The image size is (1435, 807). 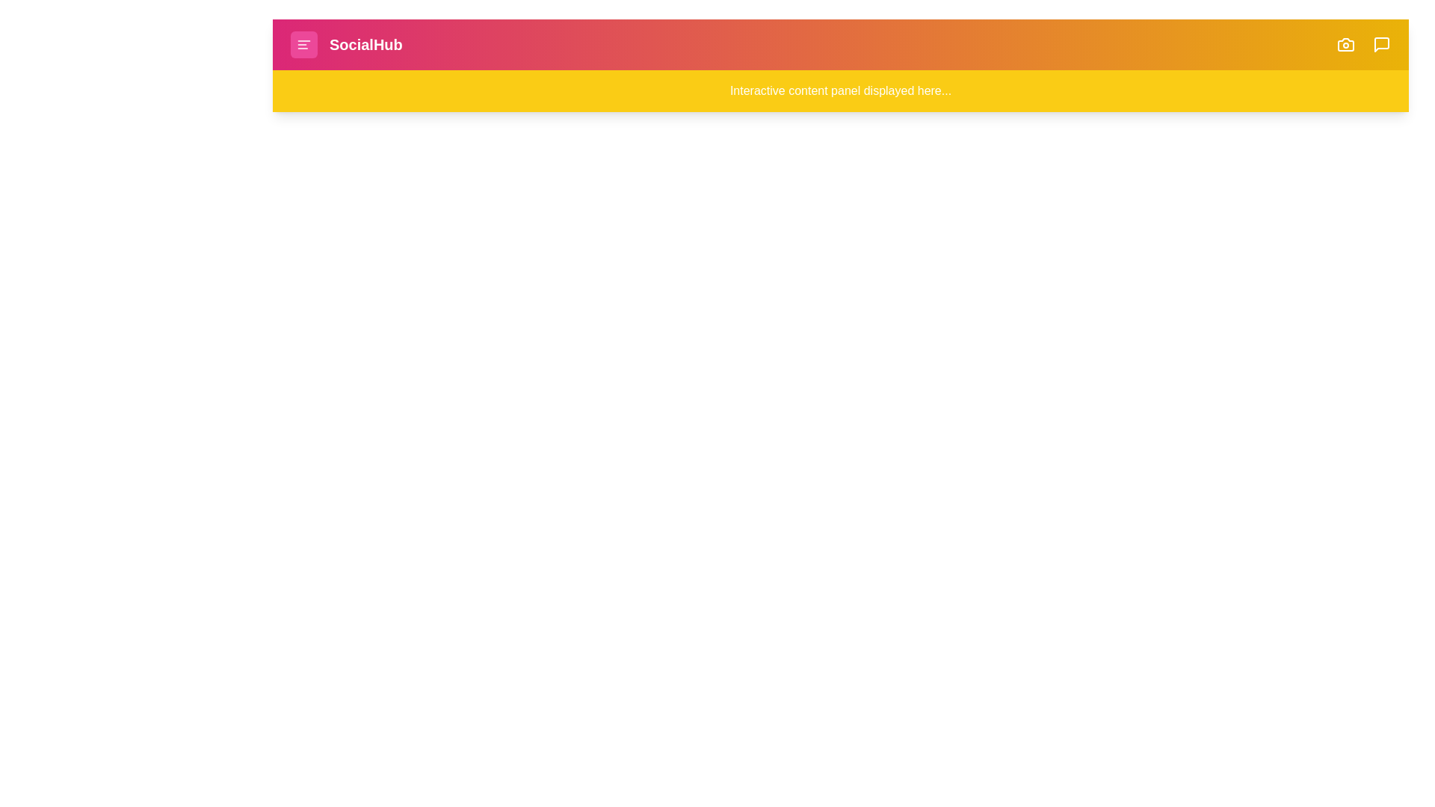 I want to click on the button with the AlignLeft icon to toggle the side menu visibility, so click(x=303, y=44).